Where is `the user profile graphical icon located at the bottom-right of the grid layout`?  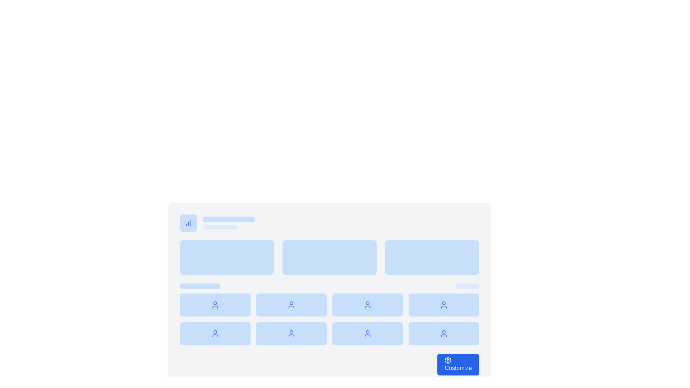
the user profile graphical icon located at the bottom-right of the grid layout is located at coordinates (443, 334).